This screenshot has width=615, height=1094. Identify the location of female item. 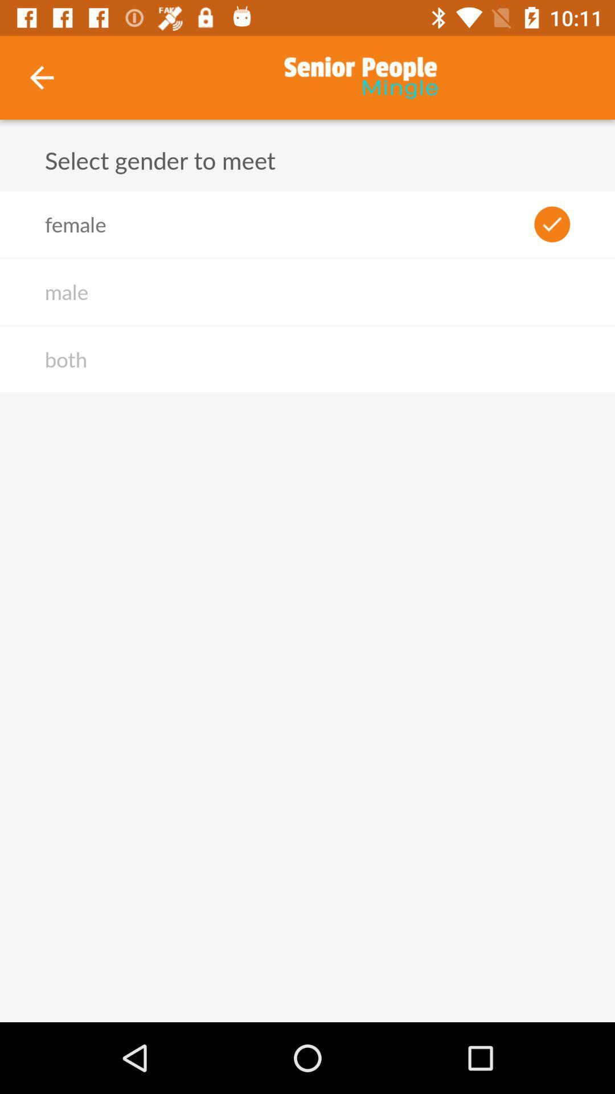
(75, 224).